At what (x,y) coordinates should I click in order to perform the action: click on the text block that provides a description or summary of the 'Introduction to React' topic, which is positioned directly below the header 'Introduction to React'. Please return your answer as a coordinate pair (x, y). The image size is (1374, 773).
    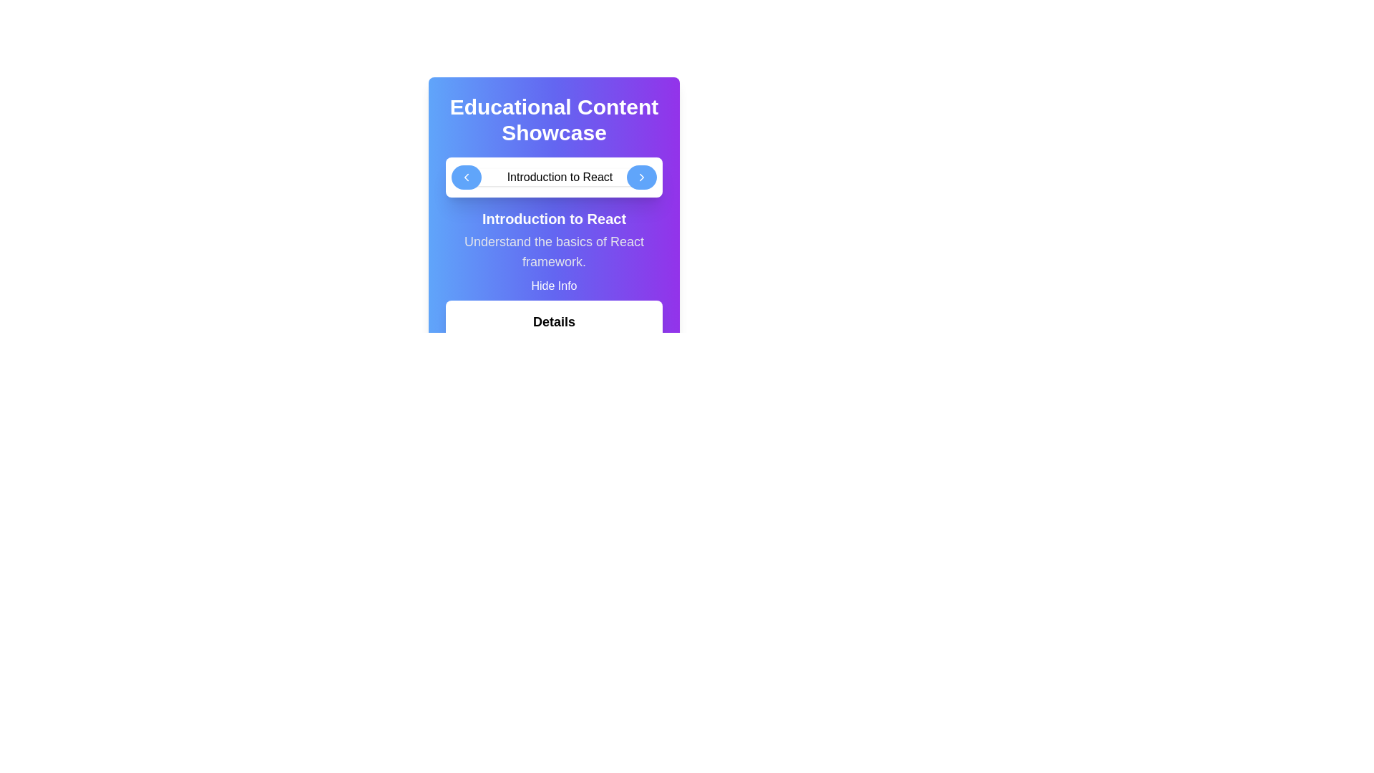
    Looking at the image, I should click on (553, 251).